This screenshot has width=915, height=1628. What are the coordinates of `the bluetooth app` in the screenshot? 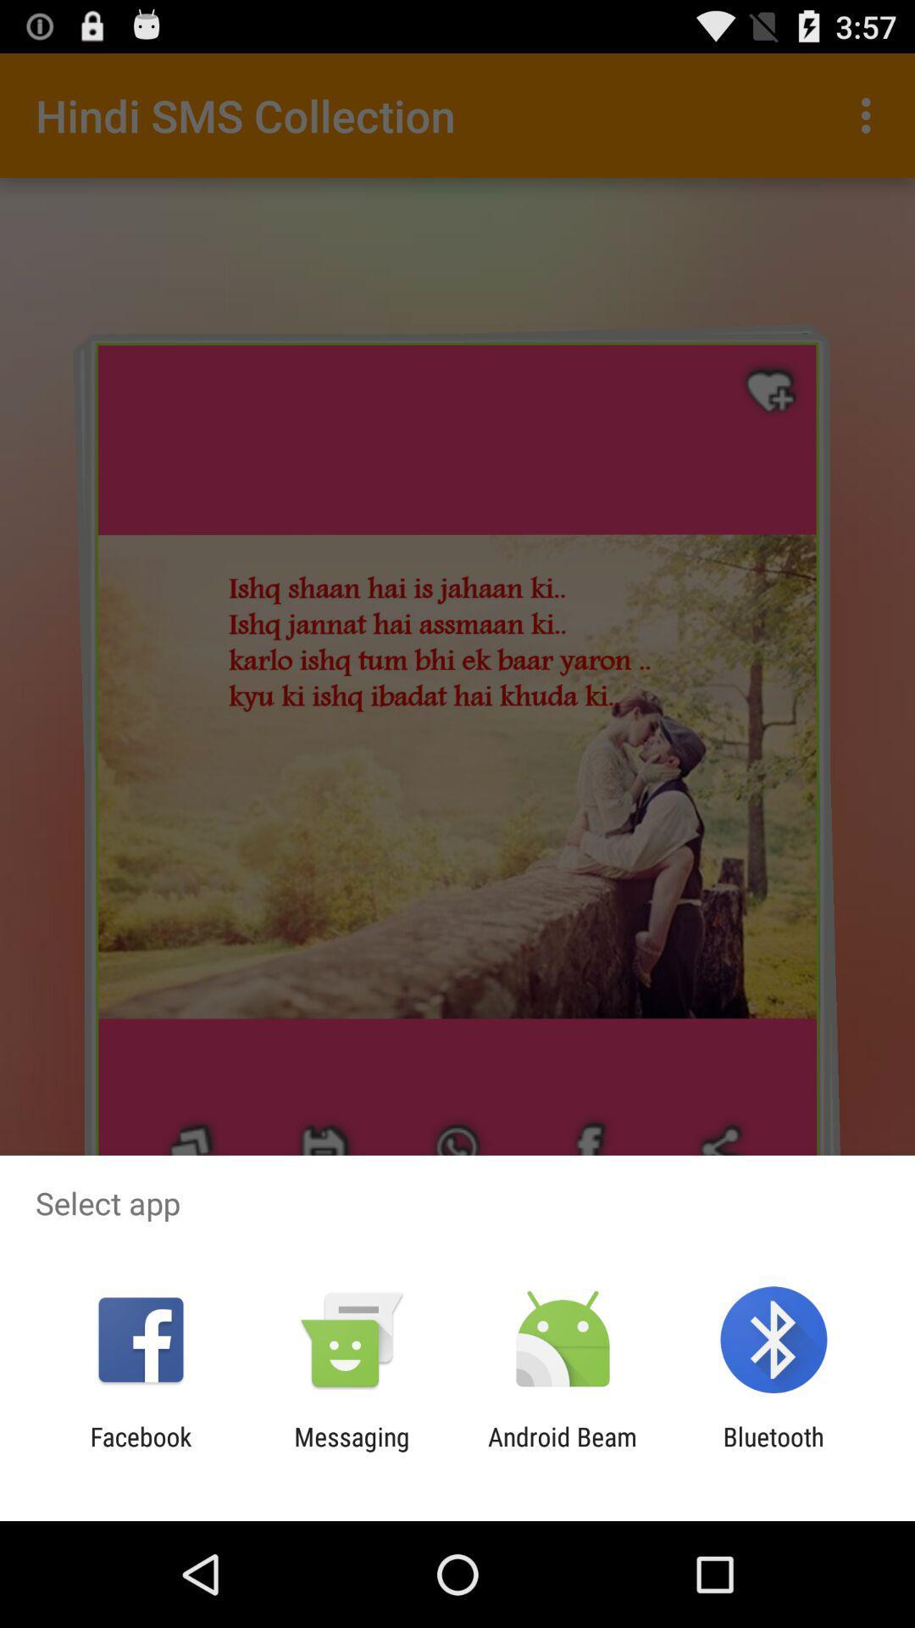 It's located at (774, 1451).